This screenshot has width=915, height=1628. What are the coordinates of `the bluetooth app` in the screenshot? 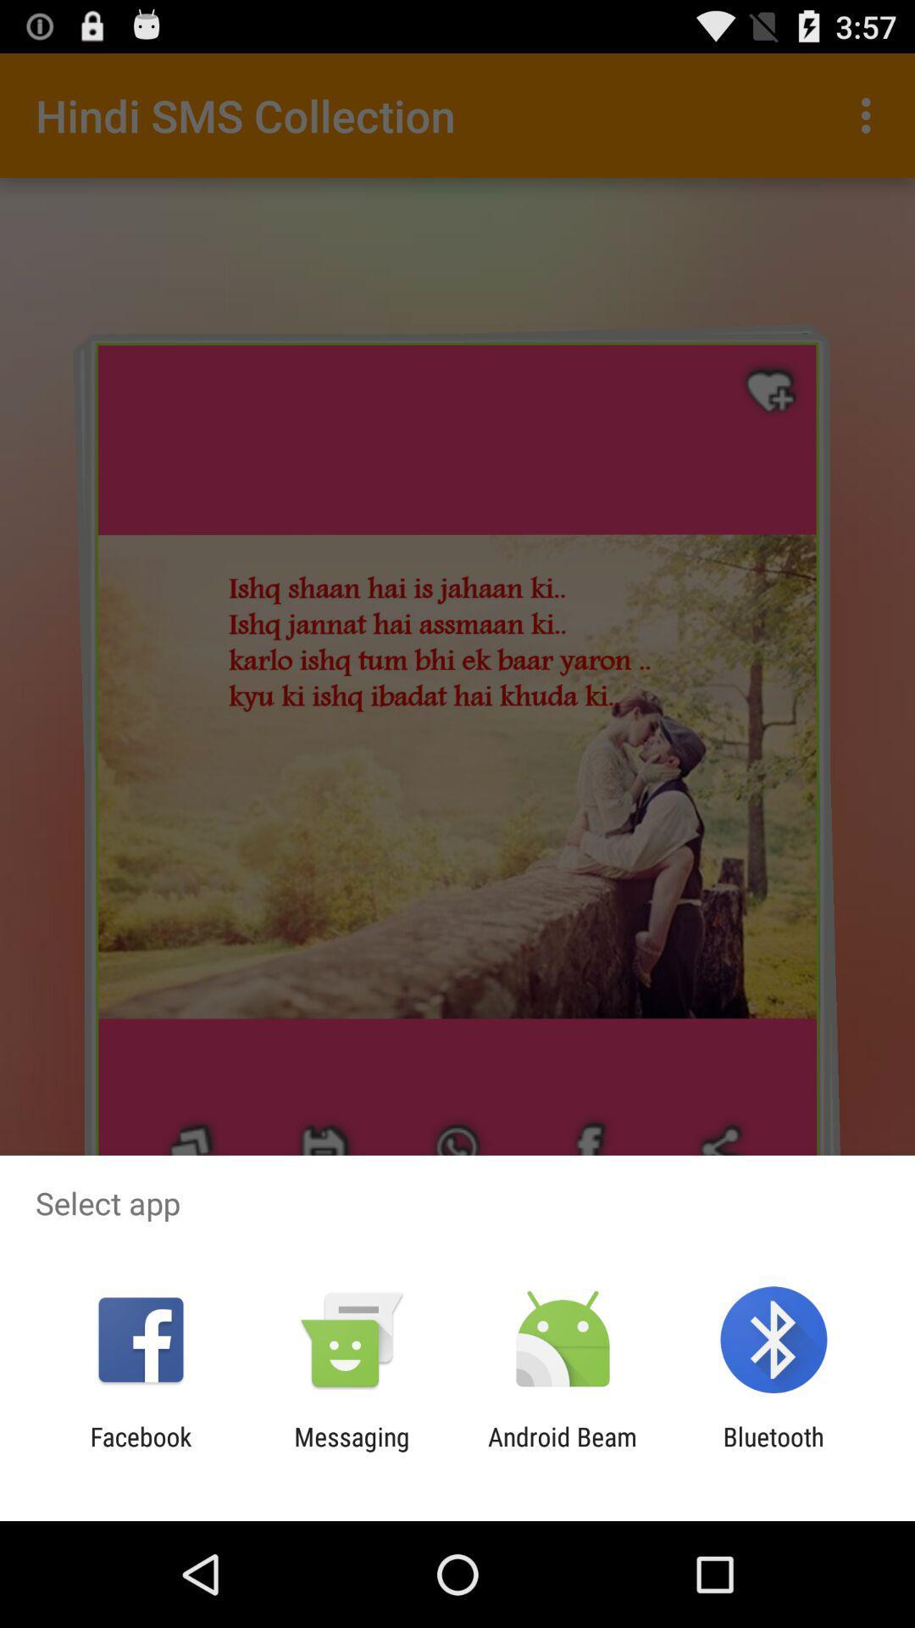 It's located at (774, 1451).